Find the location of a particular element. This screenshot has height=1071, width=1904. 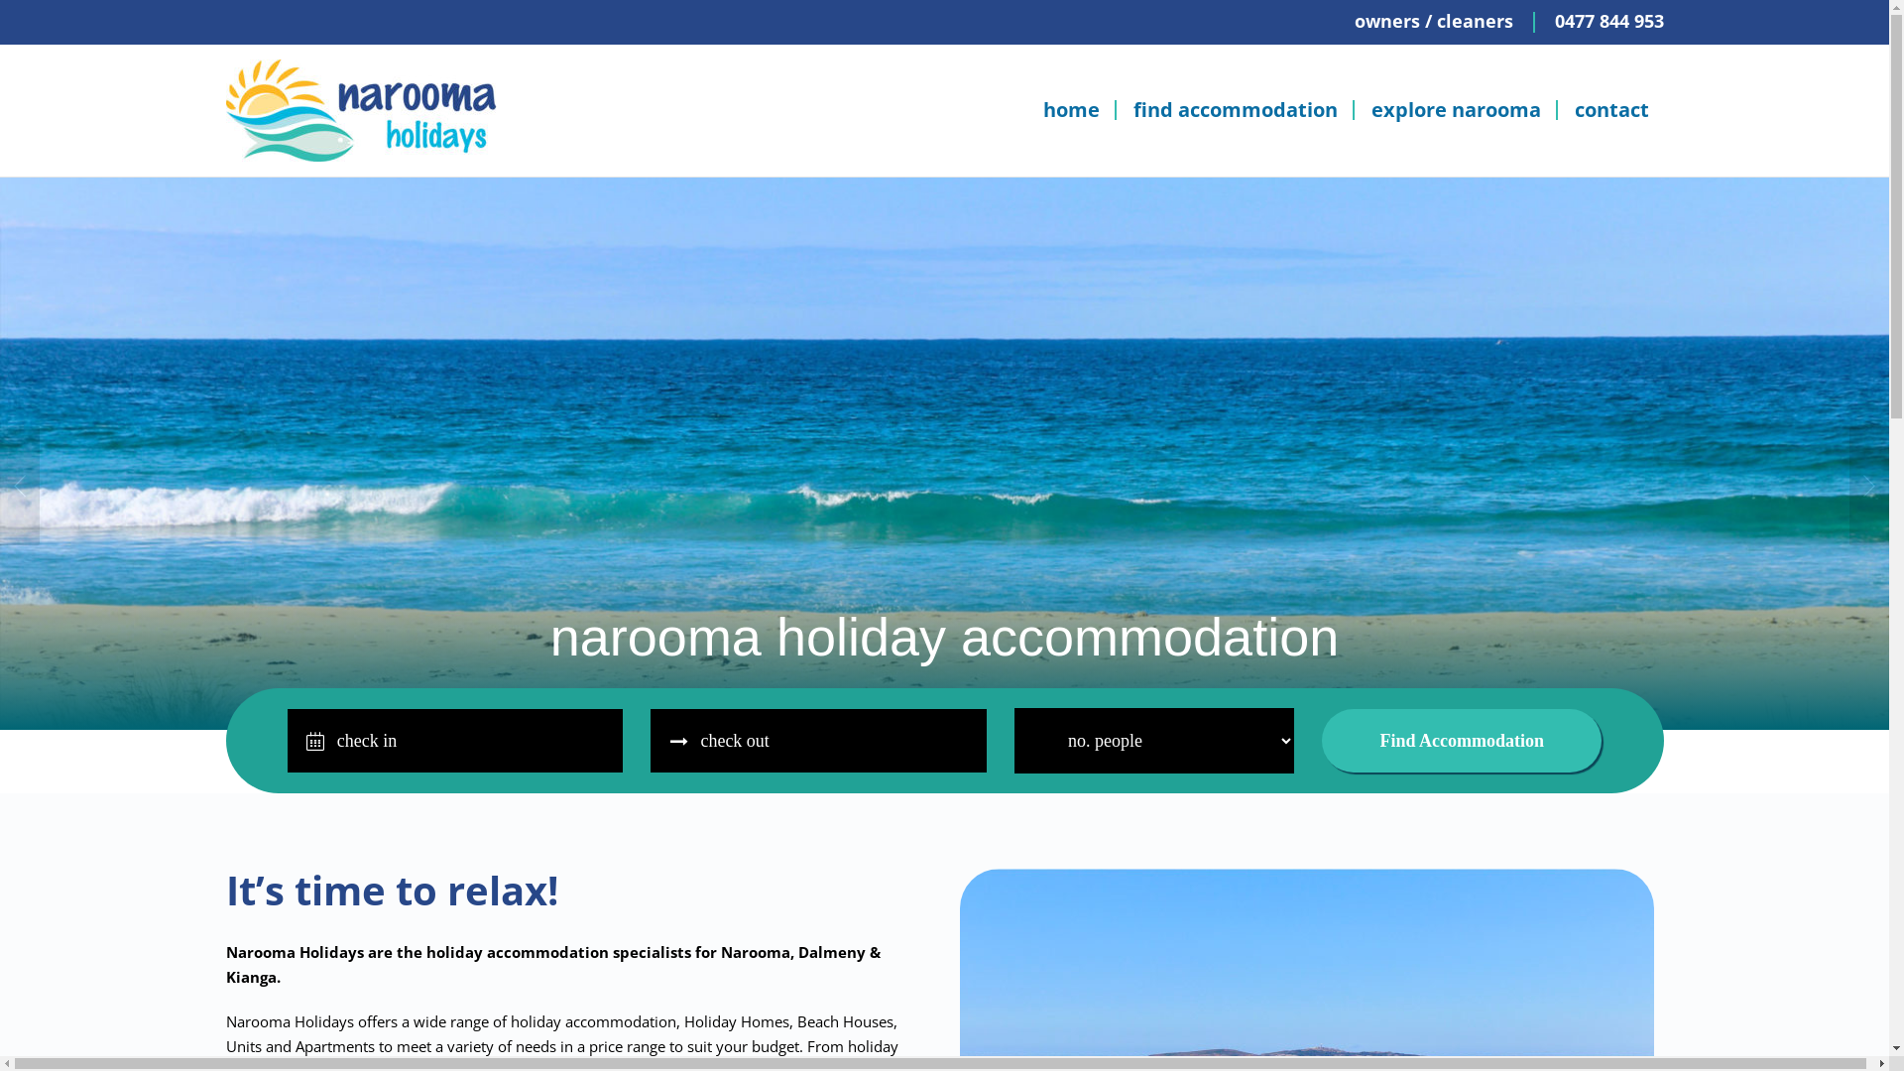

'find accommodation' is located at coordinates (1236, 110).